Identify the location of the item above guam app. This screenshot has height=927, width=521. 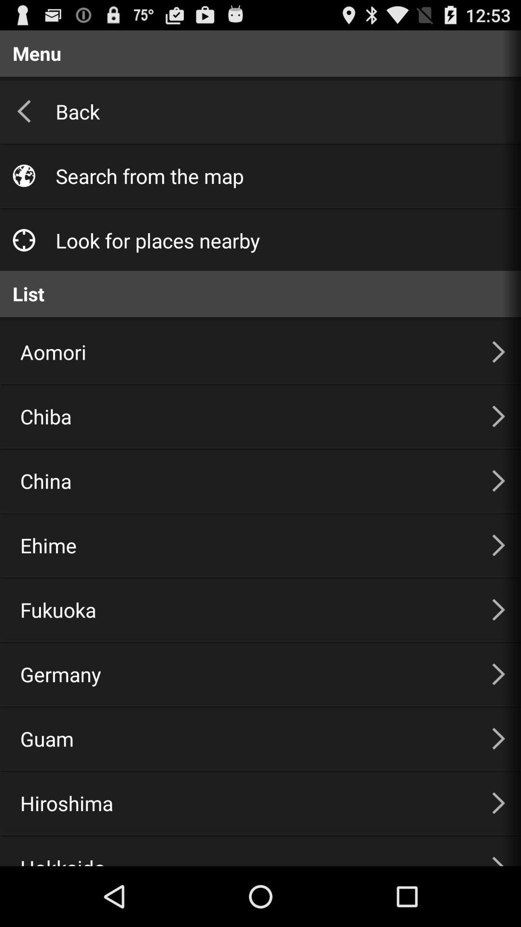
(244, 674).